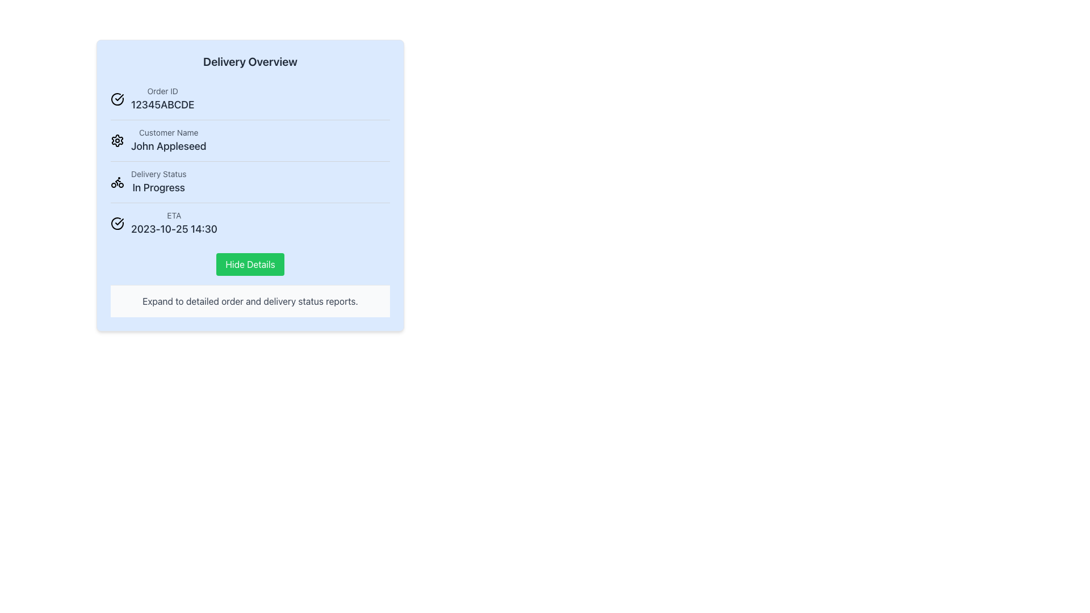 The image size is (1090, 613). What do you see at coordinates (174, 216) in the screenshot?
I see `the 'ETA' text label in the 'Delivery Overview' section` at bounding box center [174, 216].